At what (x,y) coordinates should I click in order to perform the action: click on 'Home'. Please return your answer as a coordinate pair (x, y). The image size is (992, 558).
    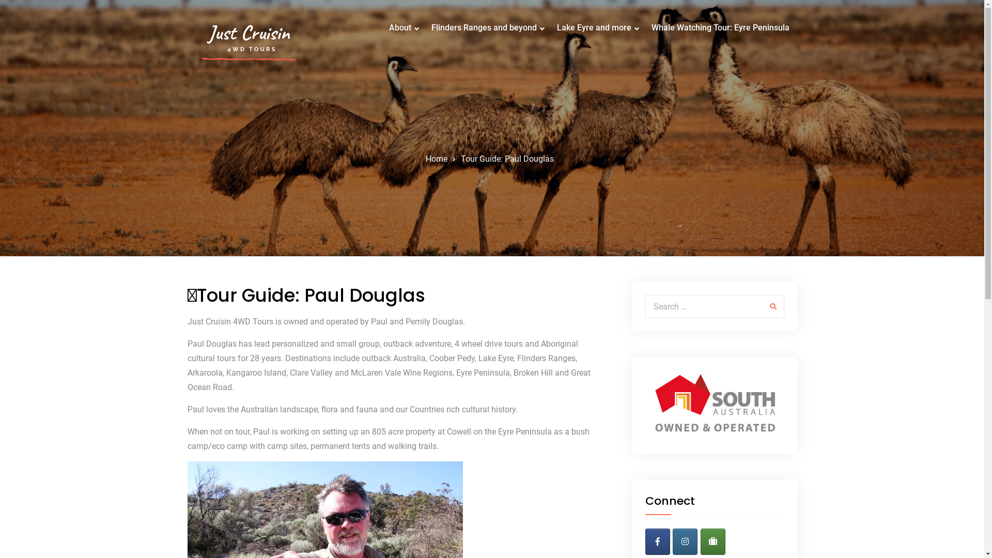
    Looking at the image, I should click on (436, 159).